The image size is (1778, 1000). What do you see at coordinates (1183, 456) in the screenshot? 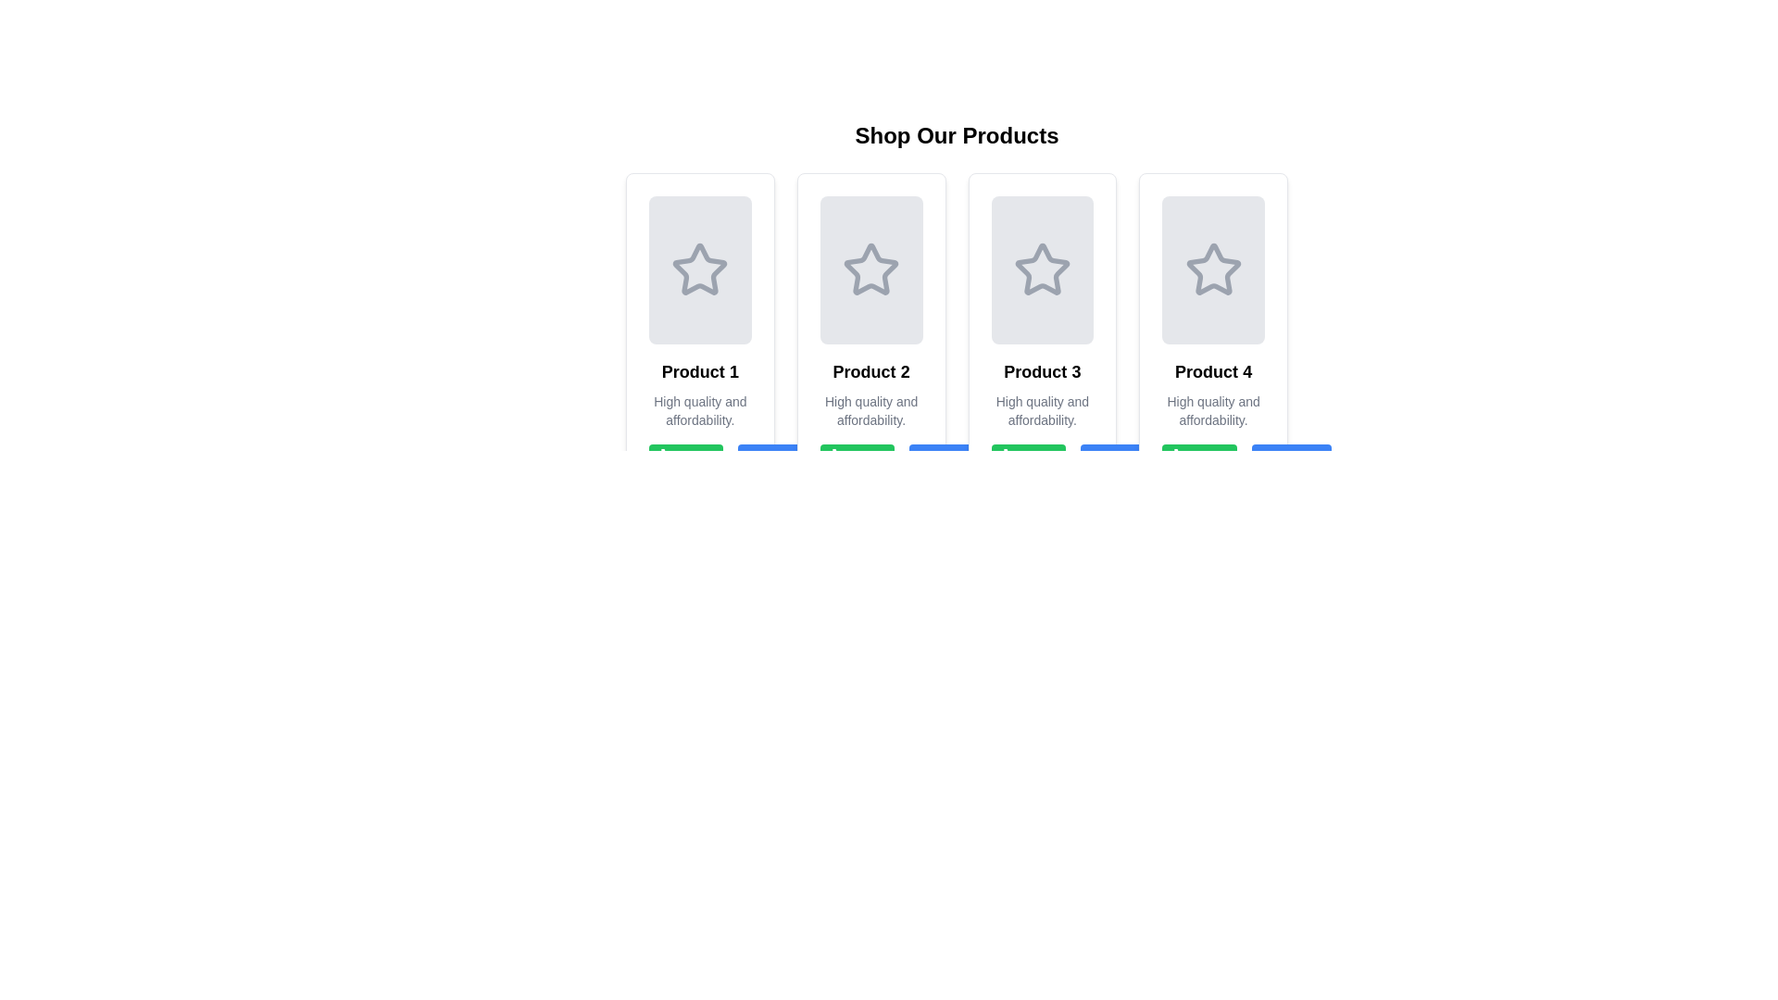
I see `shopping cart icon represented as a vector graphic element within the SVG image, located in the UI card labeled 'Product 4' for debugging purposes` at bounding box center [1183, 456].